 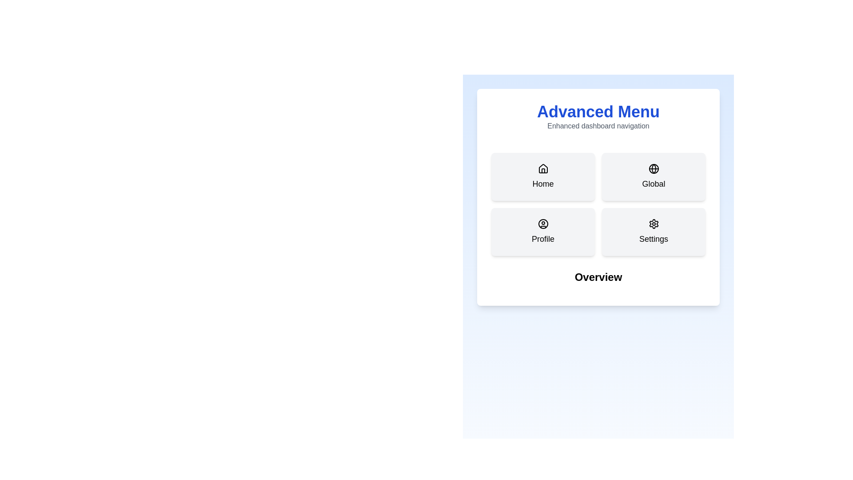 I want to click on the tab button labeled Settings to select it, so click(x=654, y=231).